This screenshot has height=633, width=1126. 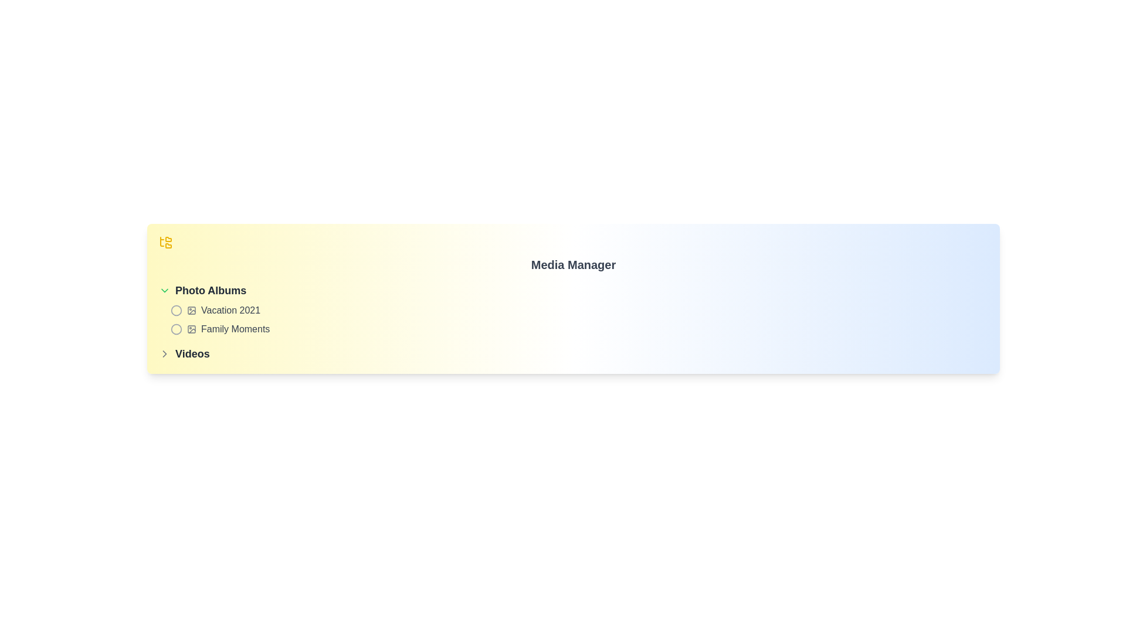 I want to click on the Checkbox associated with 'Vacation 2021', so click(x=176, y=309).